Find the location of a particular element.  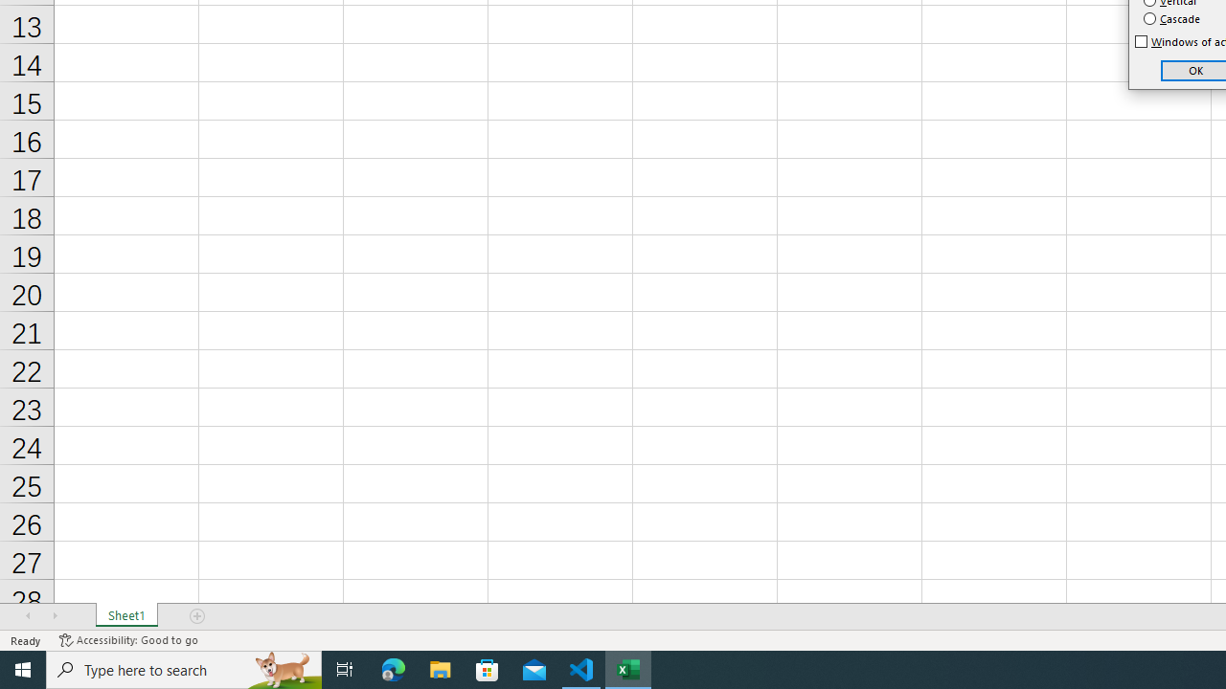

'Microsoft Store' is located at coordinates (488, 668).